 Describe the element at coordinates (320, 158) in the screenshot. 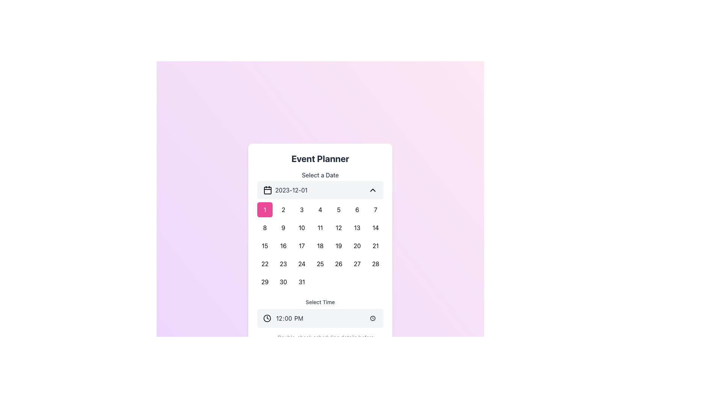

I see `the textual header that reads 'Event Planner', which is bold, large, and centered at the top of a rounded box with a shadowed effect on a gradient purple background` at that location.